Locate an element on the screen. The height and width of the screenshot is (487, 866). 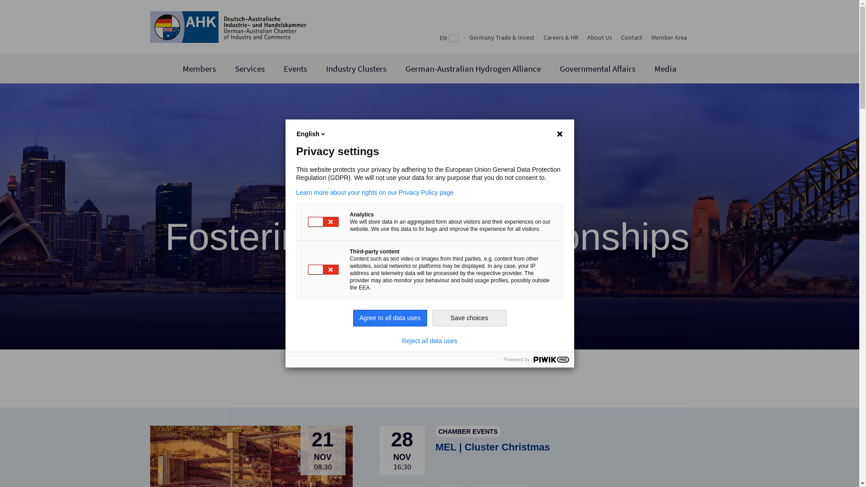
'Media' is located at coordinates (665, 68).